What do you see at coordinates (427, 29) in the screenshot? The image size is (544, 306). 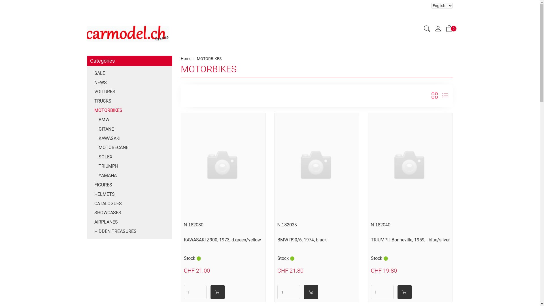 I see `'Search'` at bounding box center [427, 29].